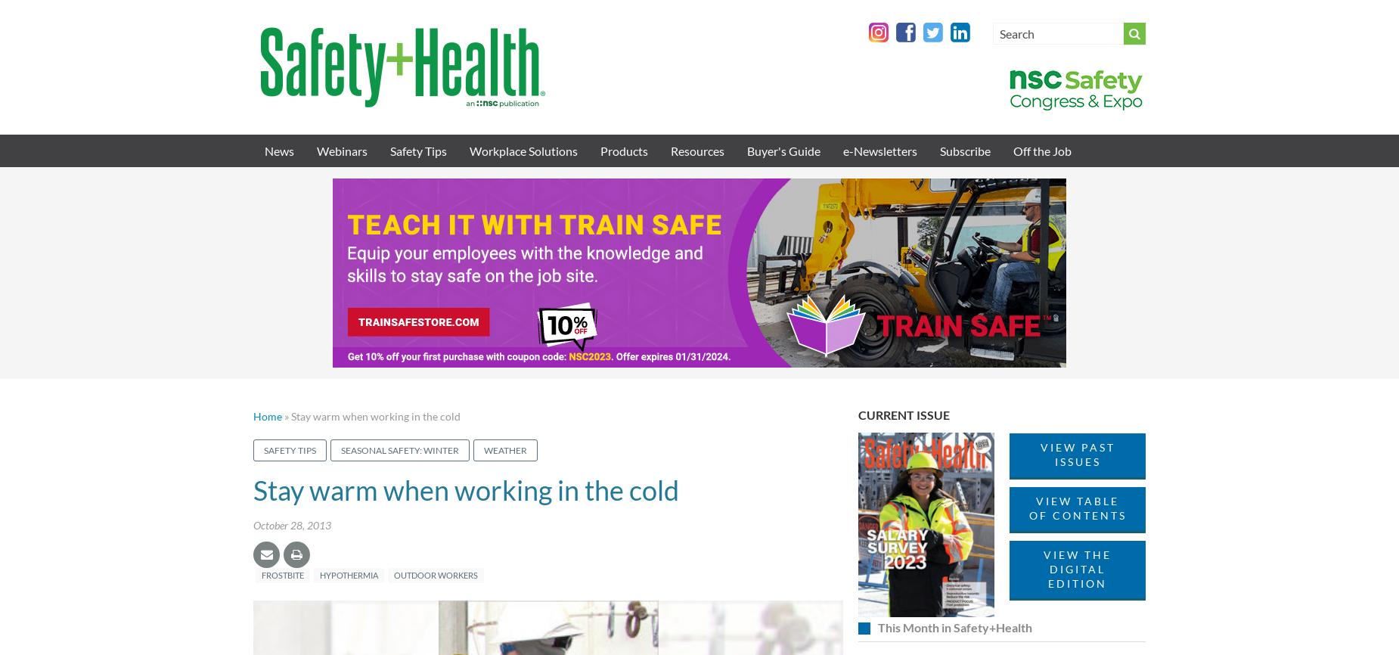 This screenshot has height=655, width=1399. What do you see at coordinates (879, 151) in the screenshot?
I see `'e-Newsletters'` at bounding box center [879, 151].